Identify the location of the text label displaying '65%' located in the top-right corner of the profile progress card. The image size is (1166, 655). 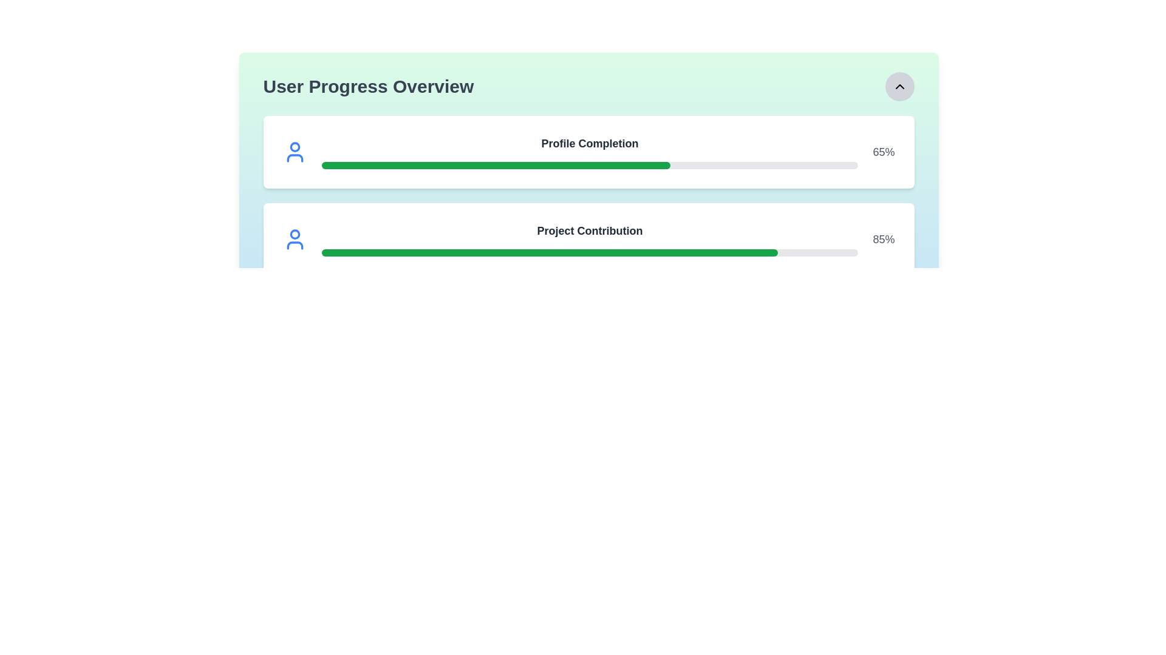
(884, 151).